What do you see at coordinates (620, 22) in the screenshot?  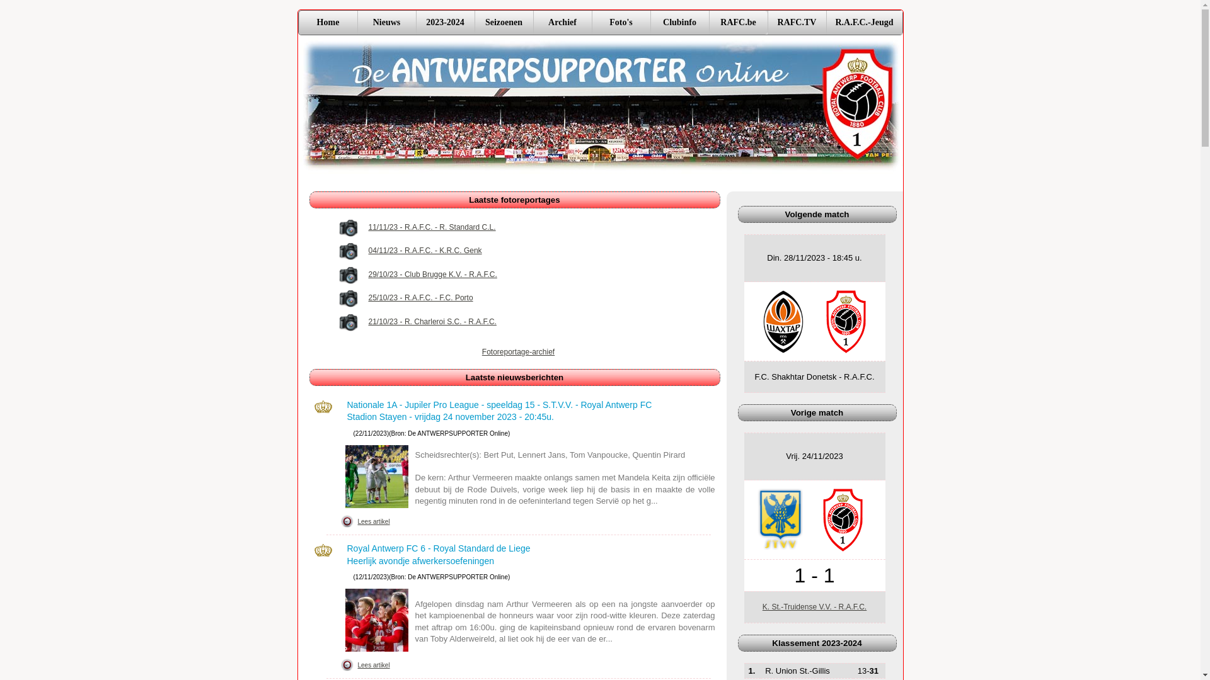 I see `'Foto's'` at bounding box center [620, 22].